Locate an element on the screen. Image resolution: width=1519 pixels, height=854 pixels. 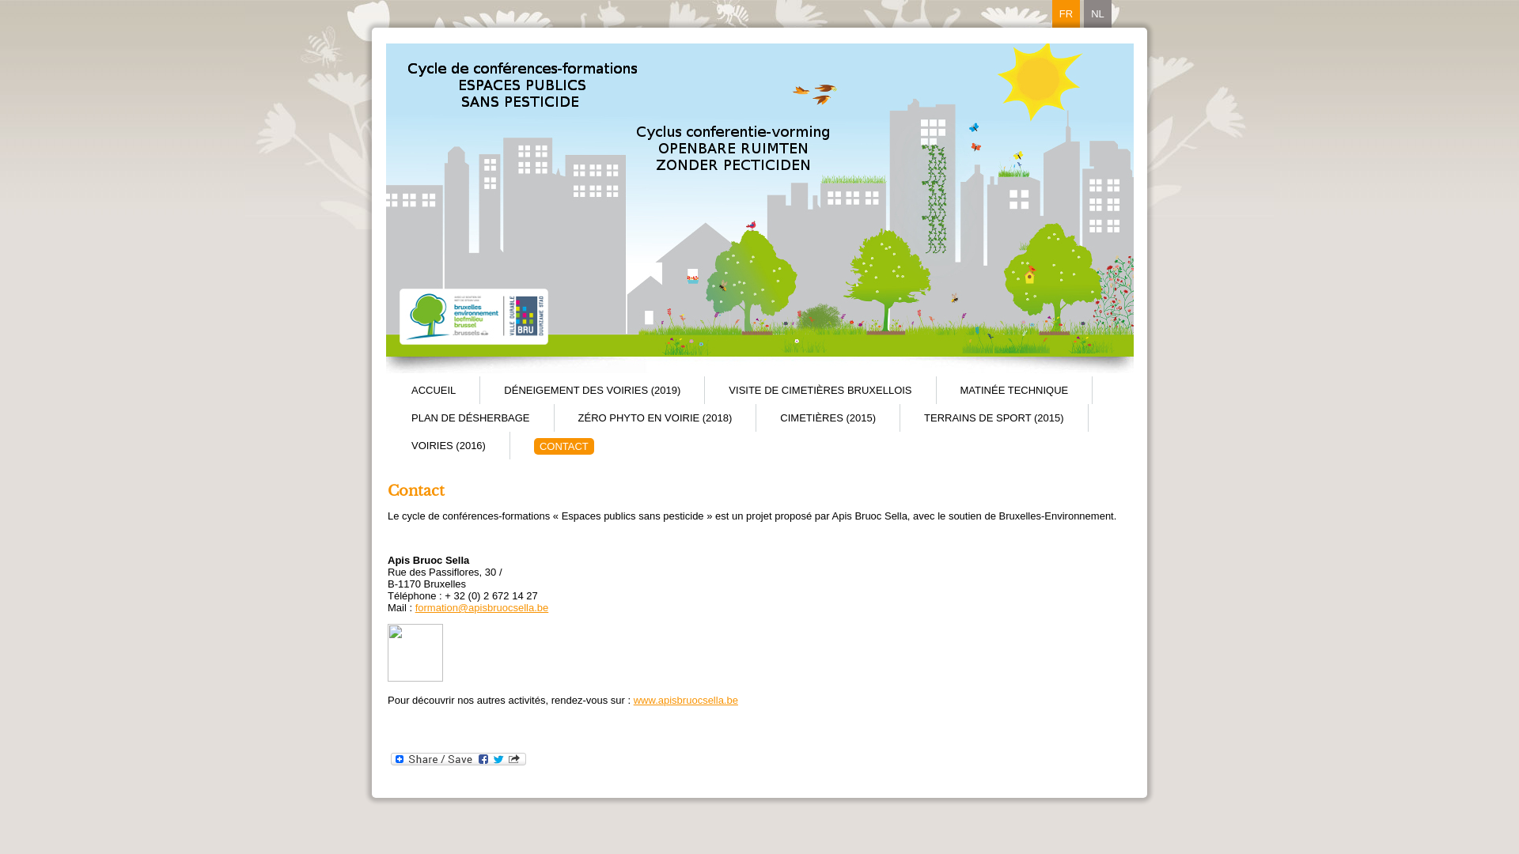
'Aller au contenu principal' is located at coordinates (0, 0).